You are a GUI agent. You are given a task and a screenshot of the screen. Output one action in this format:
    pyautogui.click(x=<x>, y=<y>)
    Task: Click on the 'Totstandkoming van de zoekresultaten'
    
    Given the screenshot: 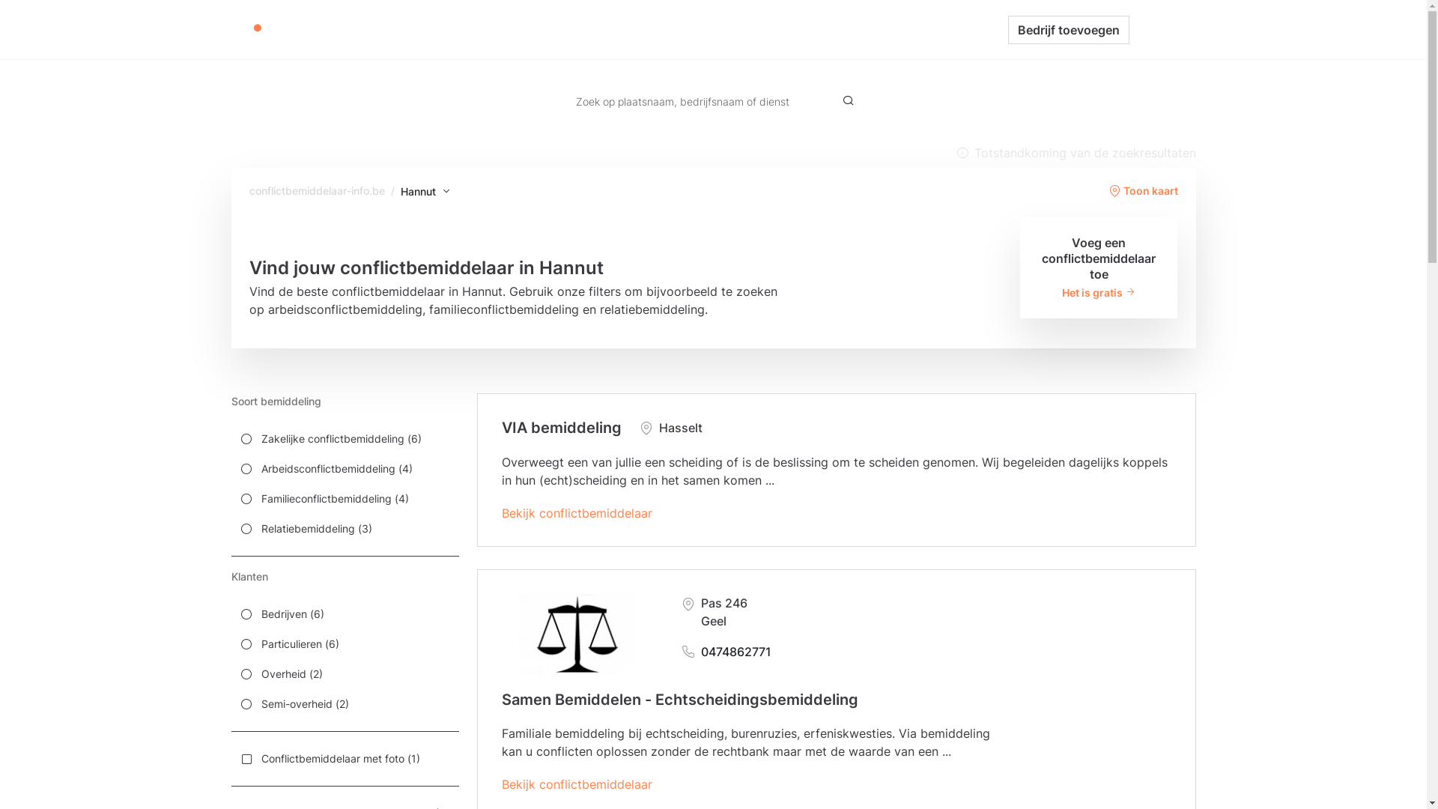 What is the action you would take?
    pyautogui.click(x=1074, y=153)
    